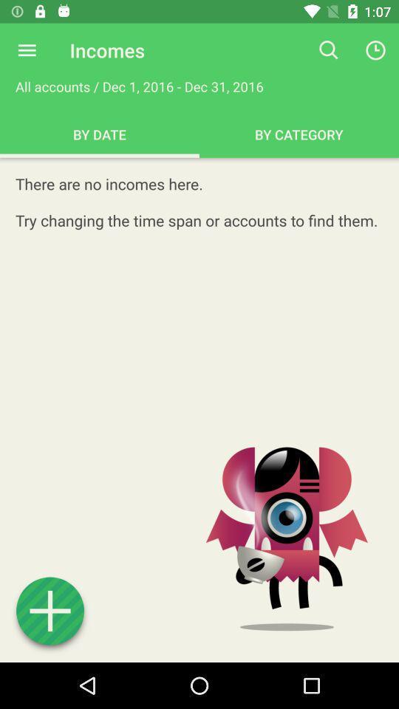  I want to click on item above the by category item, so click(329, 50).